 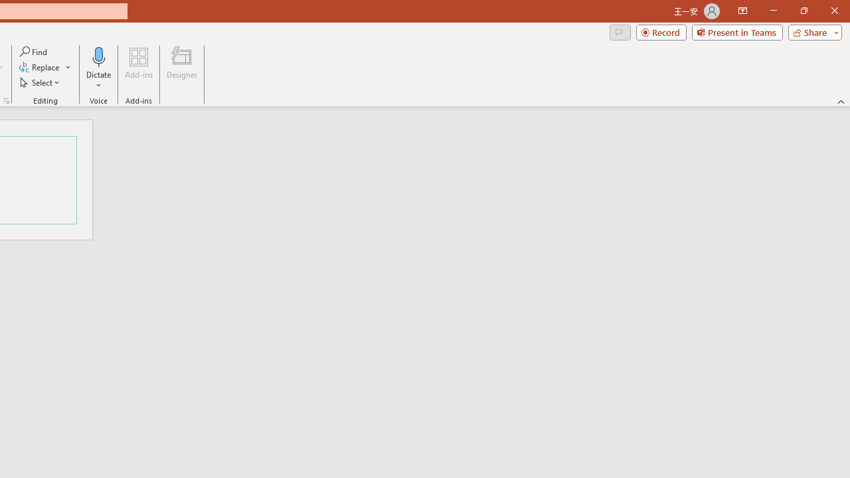 I want to click on 'Select', so click(x=41, y=82).